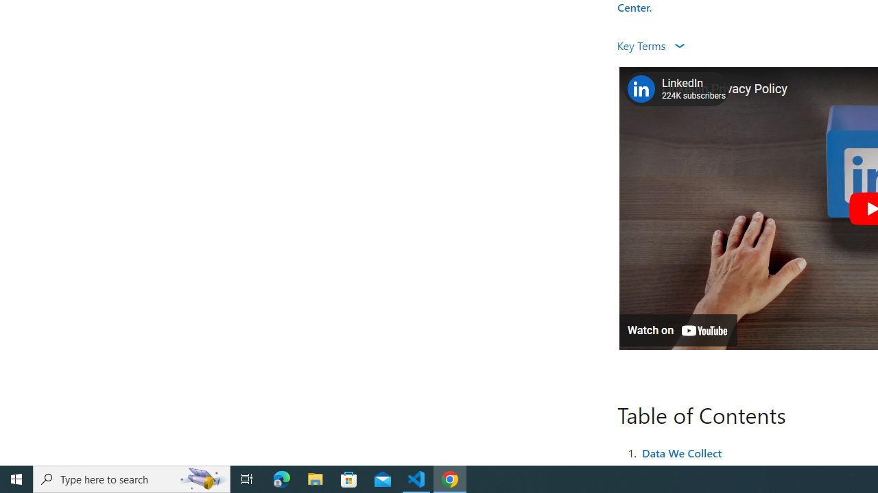  I want to click on 'Photo image of LinkedIn', so click(640, 88).